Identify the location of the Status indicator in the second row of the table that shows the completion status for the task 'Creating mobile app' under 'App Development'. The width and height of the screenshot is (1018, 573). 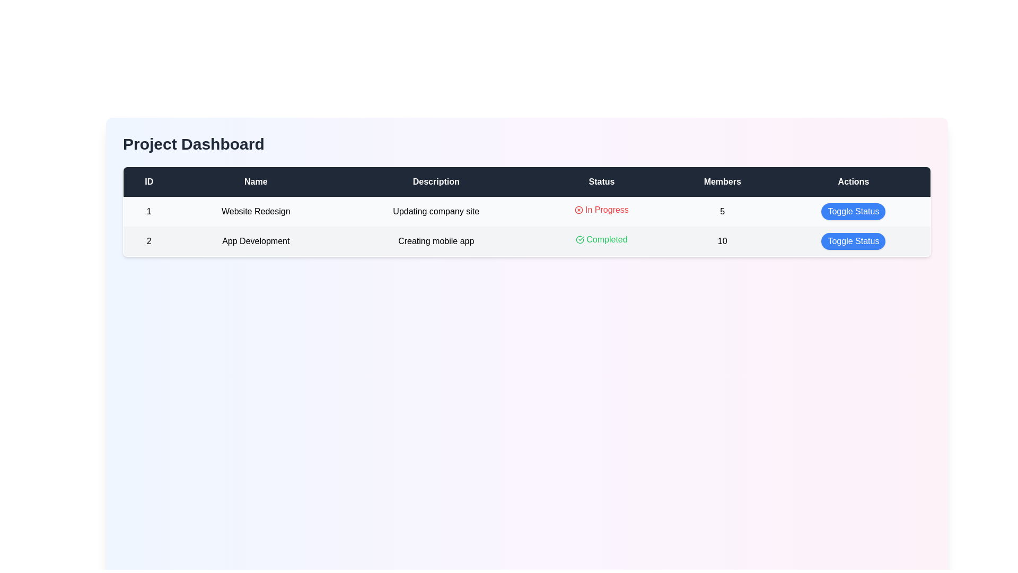
(601, 239).